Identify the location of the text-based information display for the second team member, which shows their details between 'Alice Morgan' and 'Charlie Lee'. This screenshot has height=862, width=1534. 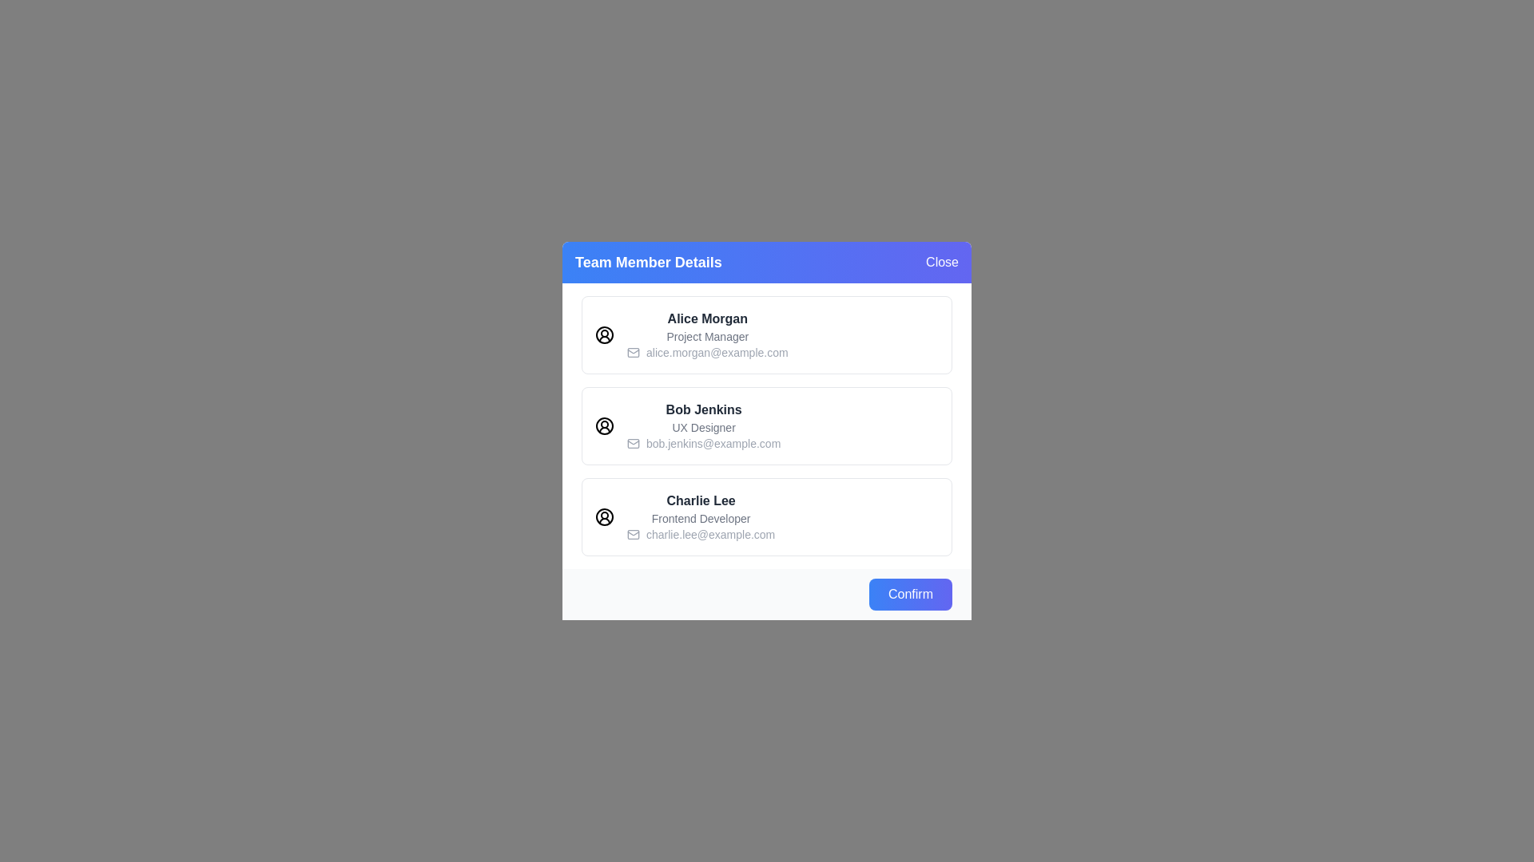
(703, 425).